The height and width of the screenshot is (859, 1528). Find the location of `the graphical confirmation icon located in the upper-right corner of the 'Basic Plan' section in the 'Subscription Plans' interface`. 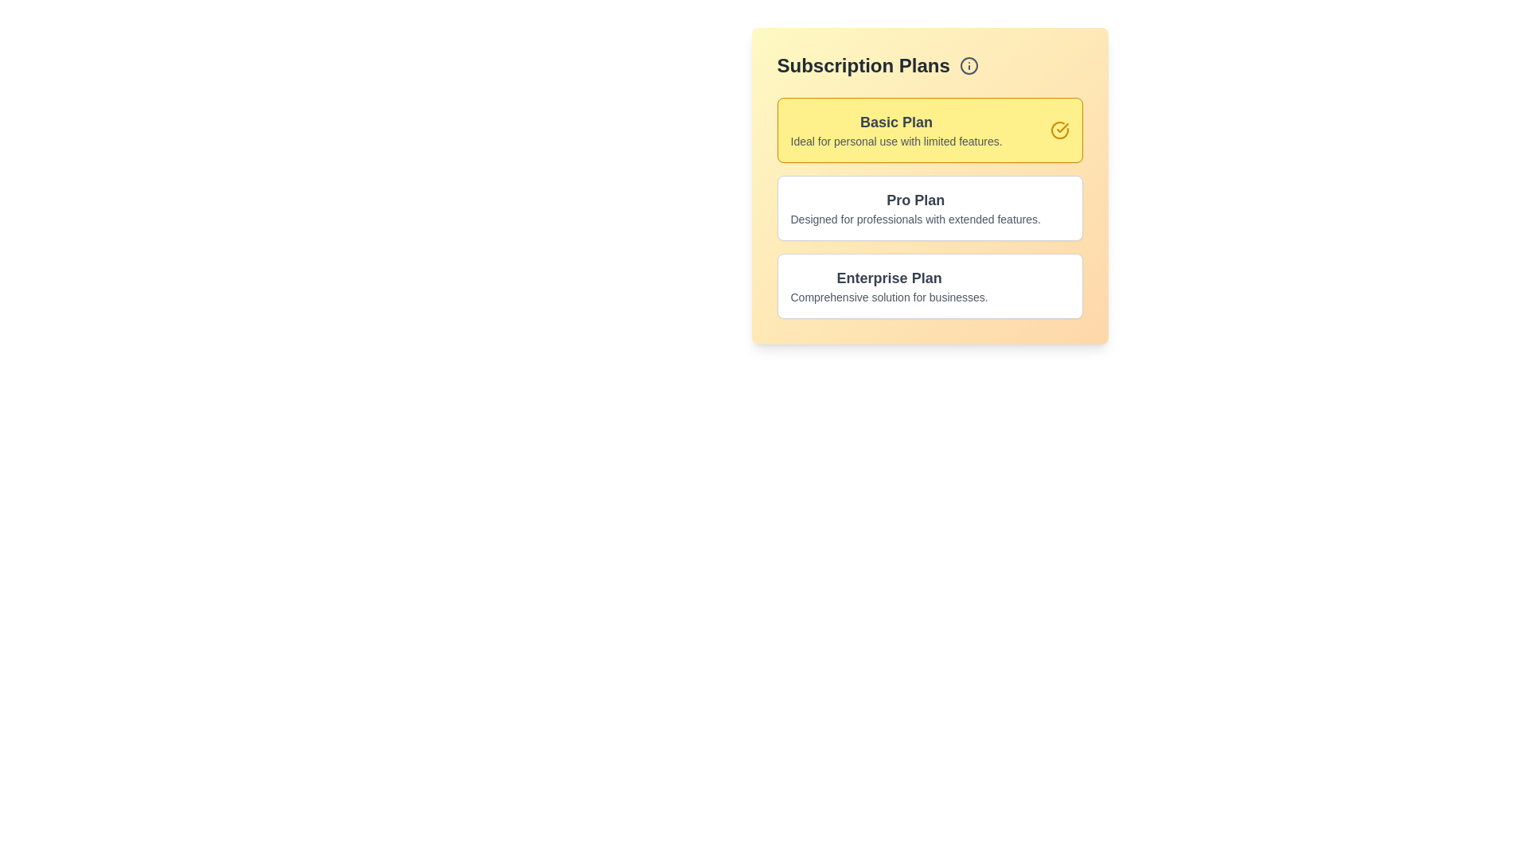

the graphical confirmation icon located in the upper-right corner of the 'Basic Plan' section in the 'Subscription Plans' interface is located at coordinates (1059, 130).